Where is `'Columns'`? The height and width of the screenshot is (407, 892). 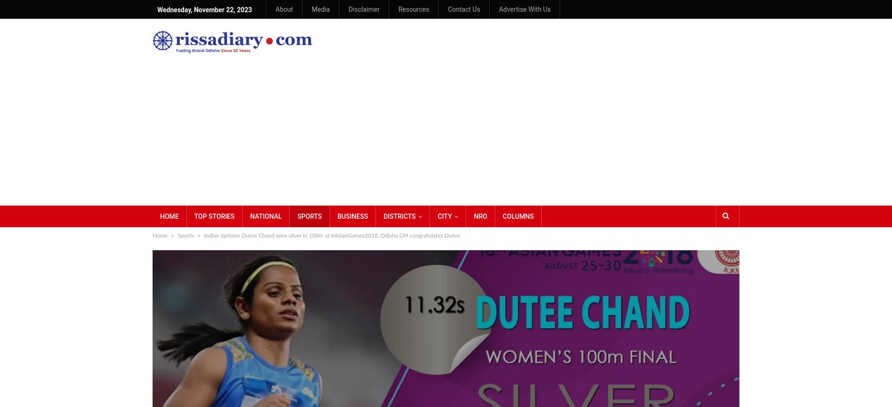
'Columns' is located at coordinates (517, 215).